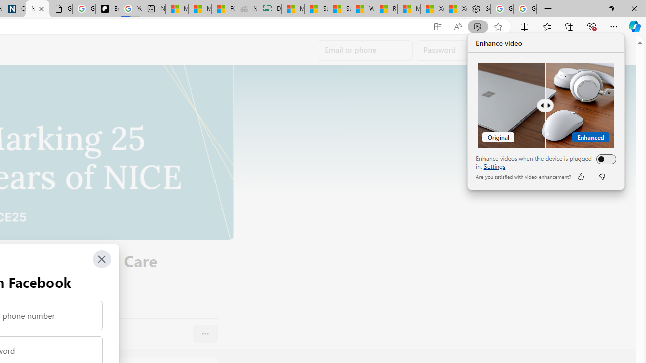 The width and height of the screenshot is (646, 363). What do you see at coordinates (602, 176) in the screenshot?
I see `'dislike'` at bounding box center [602, 176].